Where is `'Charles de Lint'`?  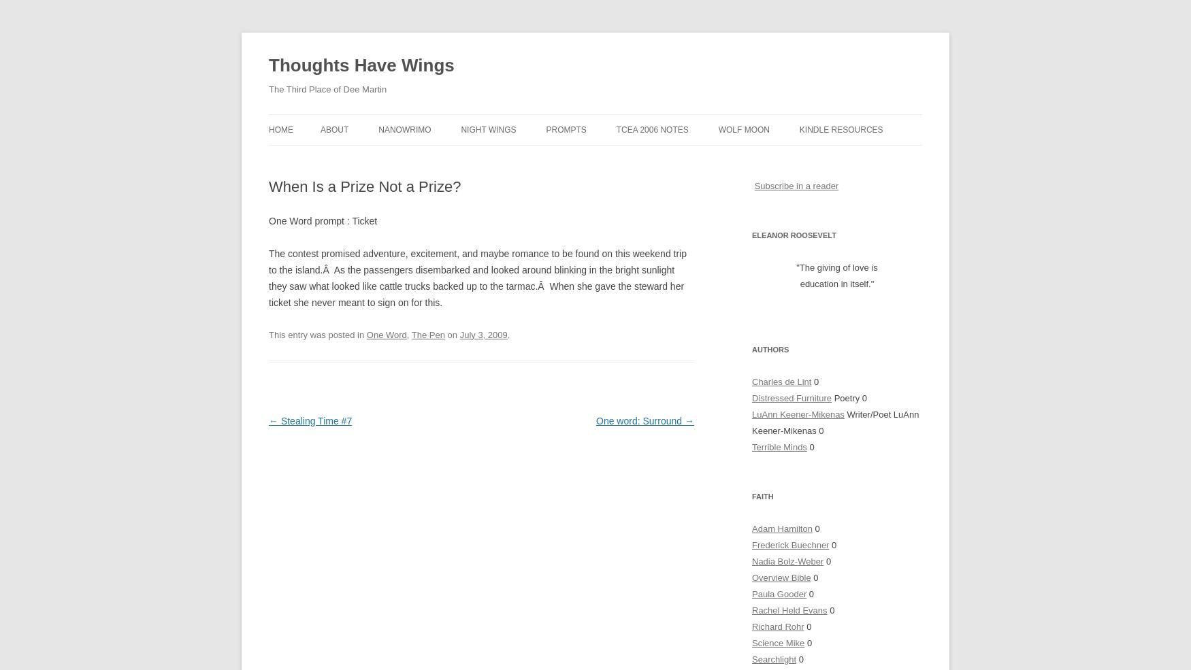 'Charles de Lint' is located at coordinates (781, 382).